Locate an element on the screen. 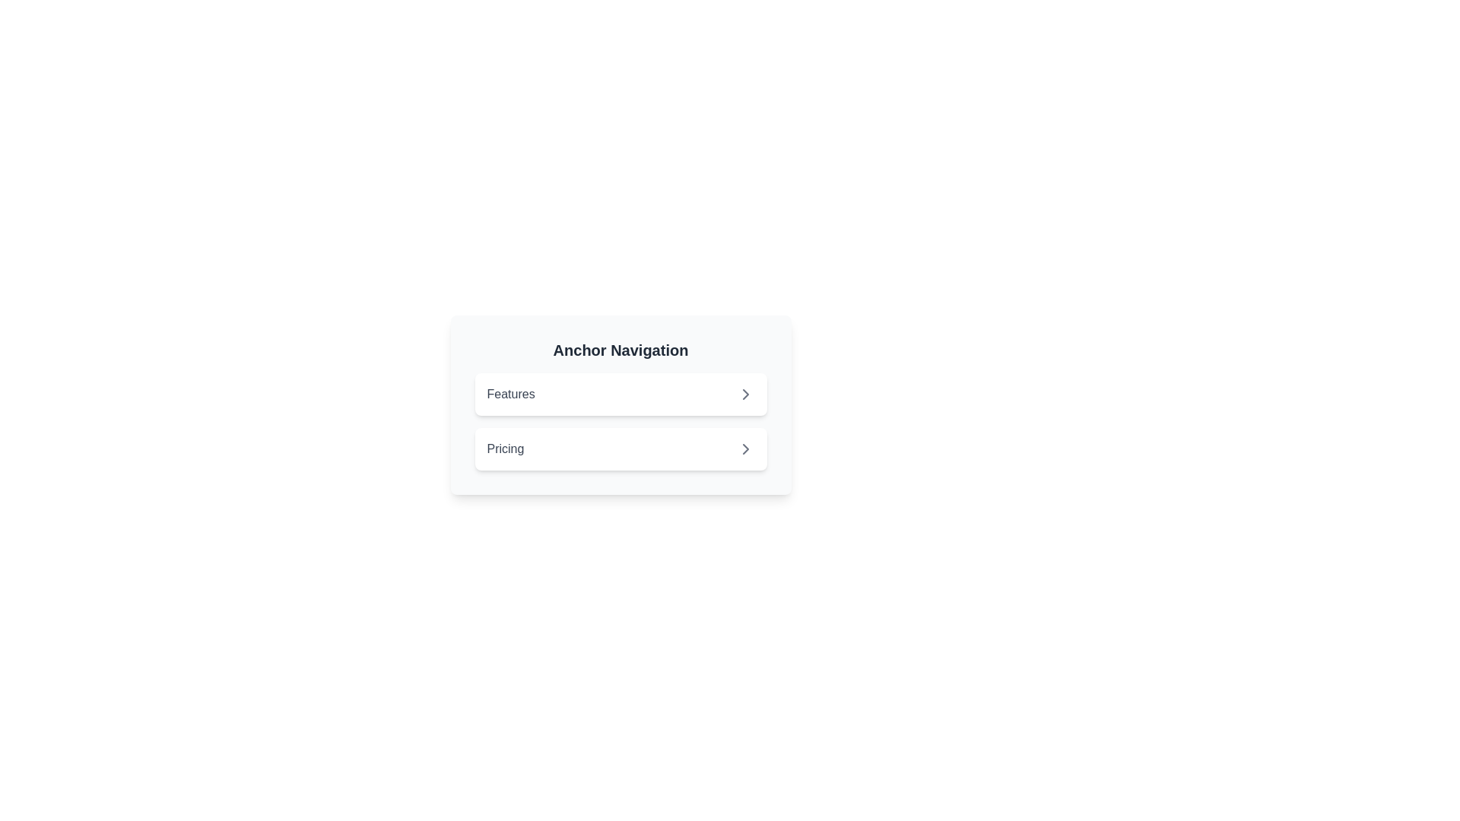  the chevron-right icon, which is a gray rightward arrow located at the far right of the 'Features' list item is located at coordinates (745, 394).